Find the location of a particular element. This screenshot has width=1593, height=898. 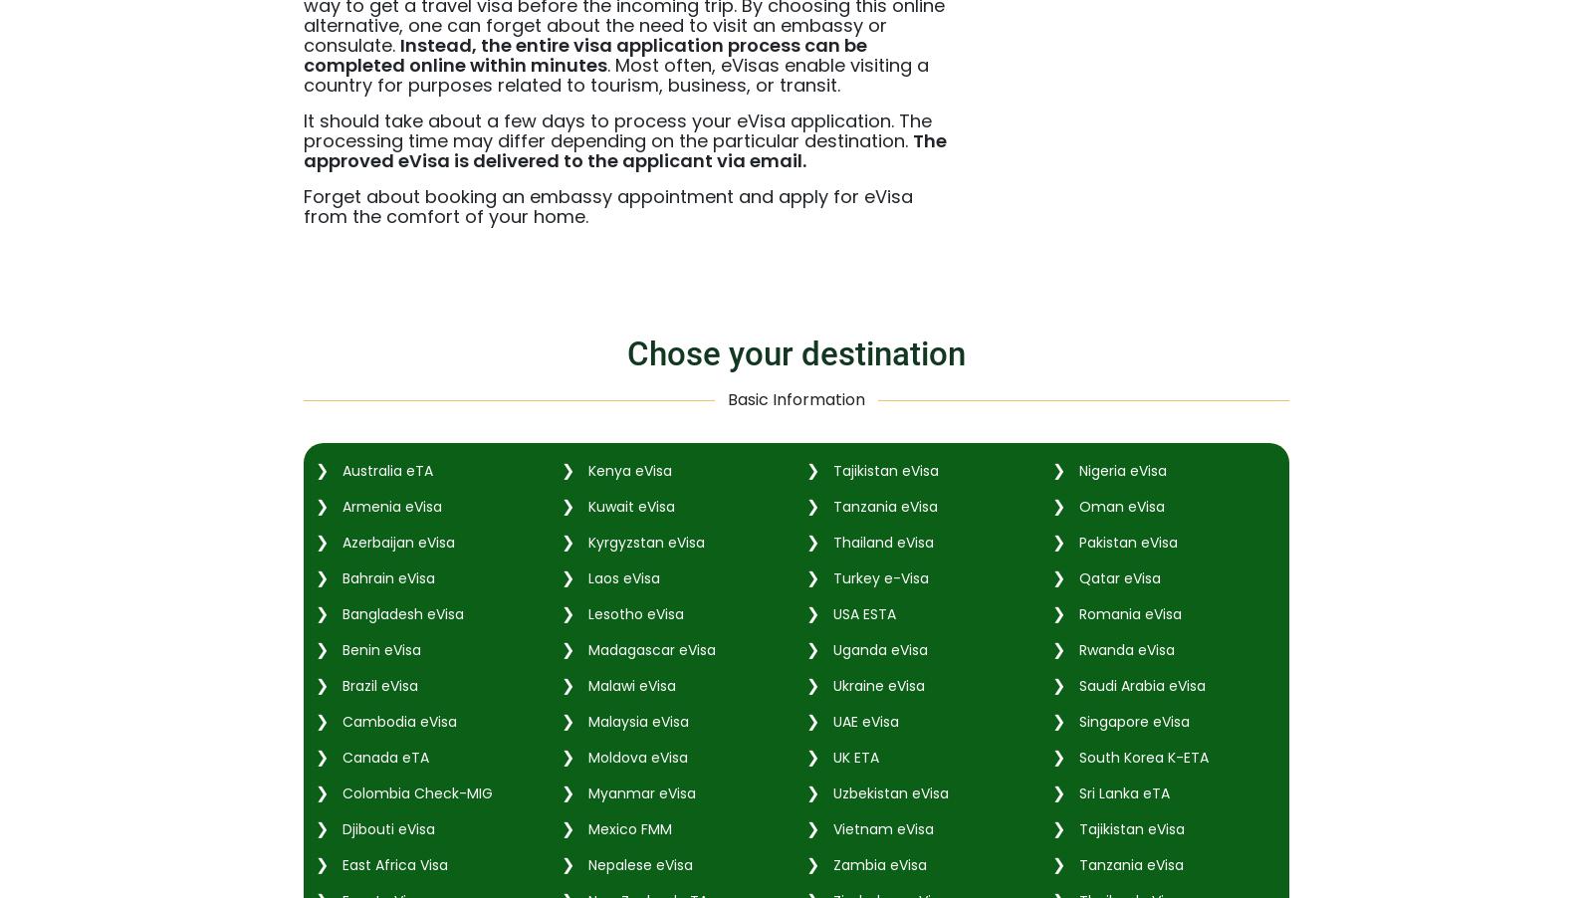

'Forget about booking an embassy appointment and apply for eVisa from the comfort of your home.' is located at coordinates (608, 204).